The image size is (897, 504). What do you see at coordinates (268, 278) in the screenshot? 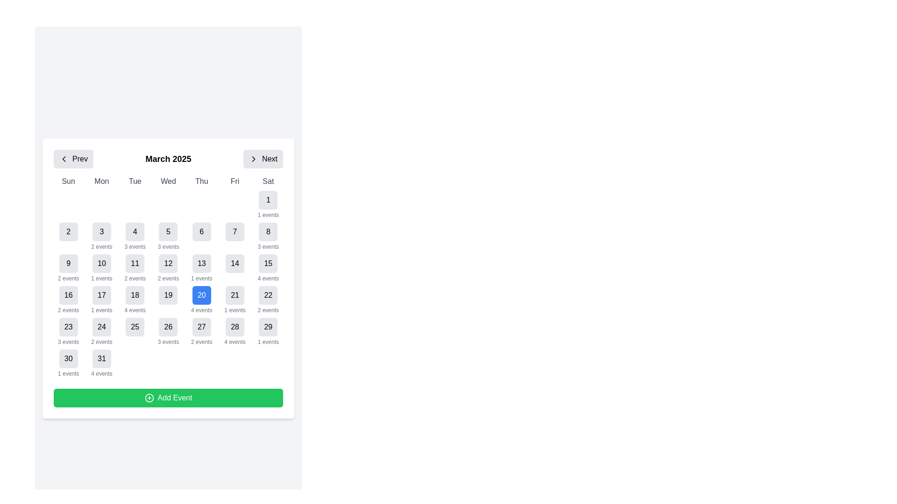
I see `the small text label displaying '4 events' in light gray font, located at the bottom of the grid cell for the date '15' in the calendar layout` at bounding box center [268, 278].